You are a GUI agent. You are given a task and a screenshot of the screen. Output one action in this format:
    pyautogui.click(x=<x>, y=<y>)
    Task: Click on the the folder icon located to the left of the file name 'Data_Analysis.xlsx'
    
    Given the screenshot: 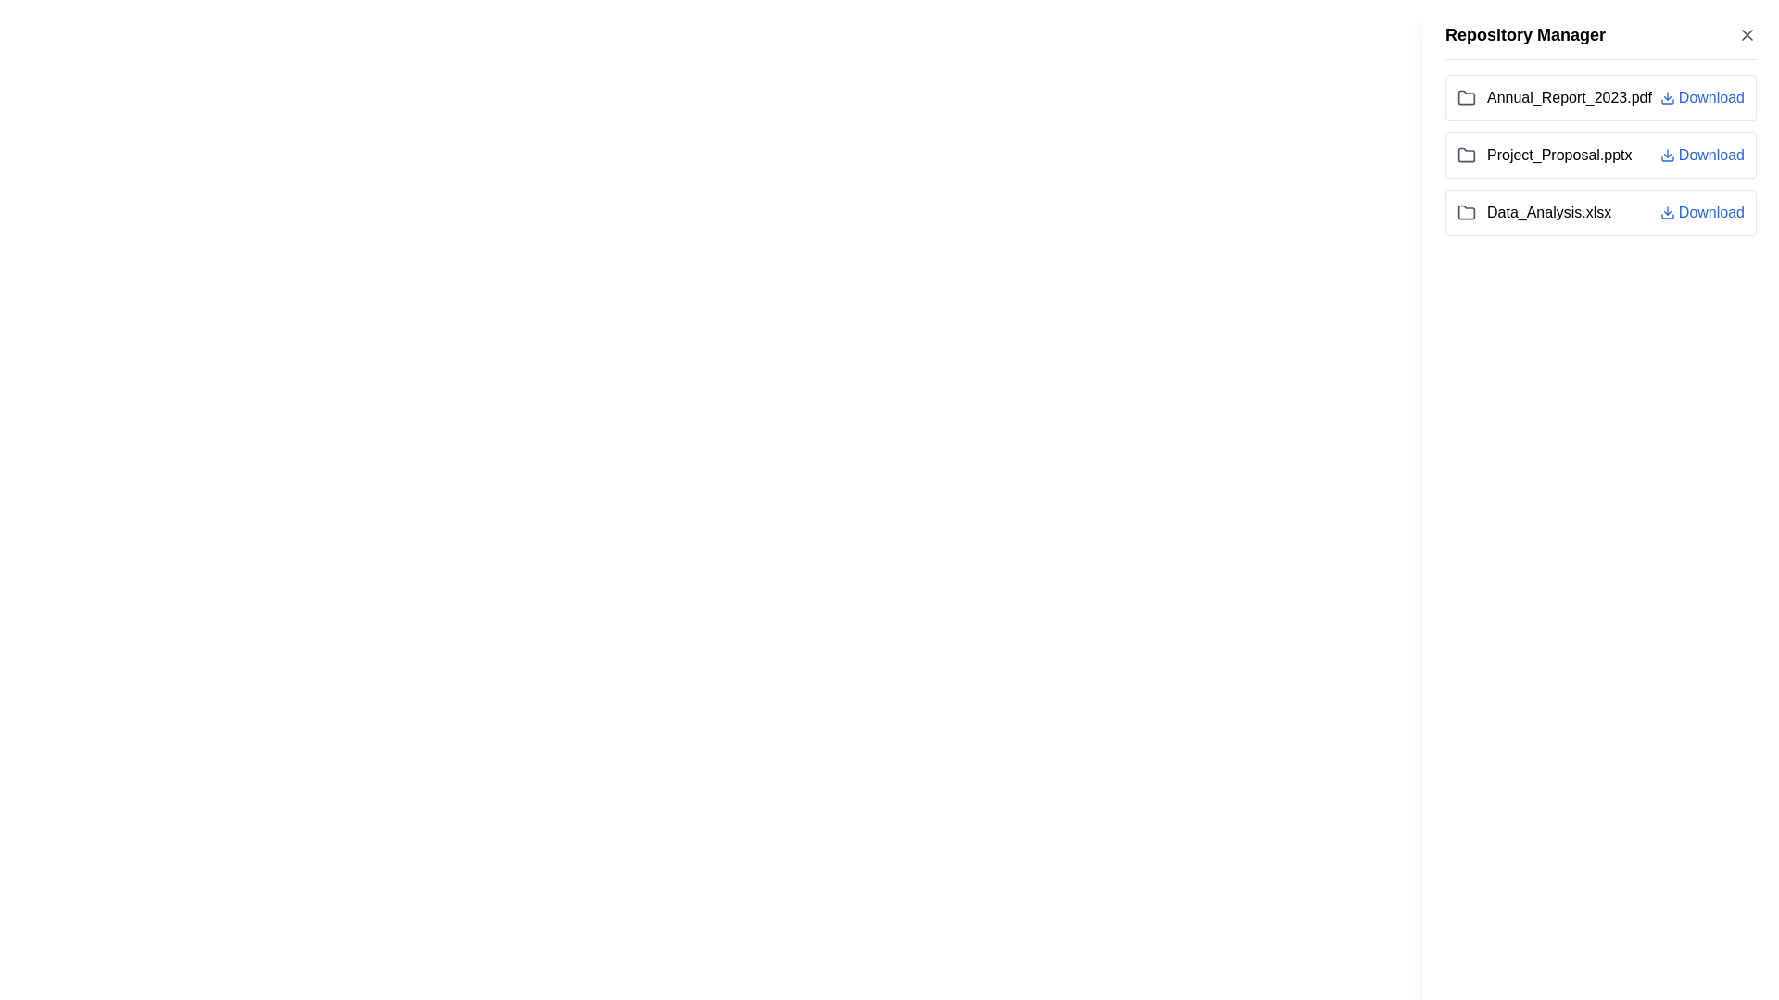 What is the action you would take?
    pyautogui.click(x=1466, y=210)
    